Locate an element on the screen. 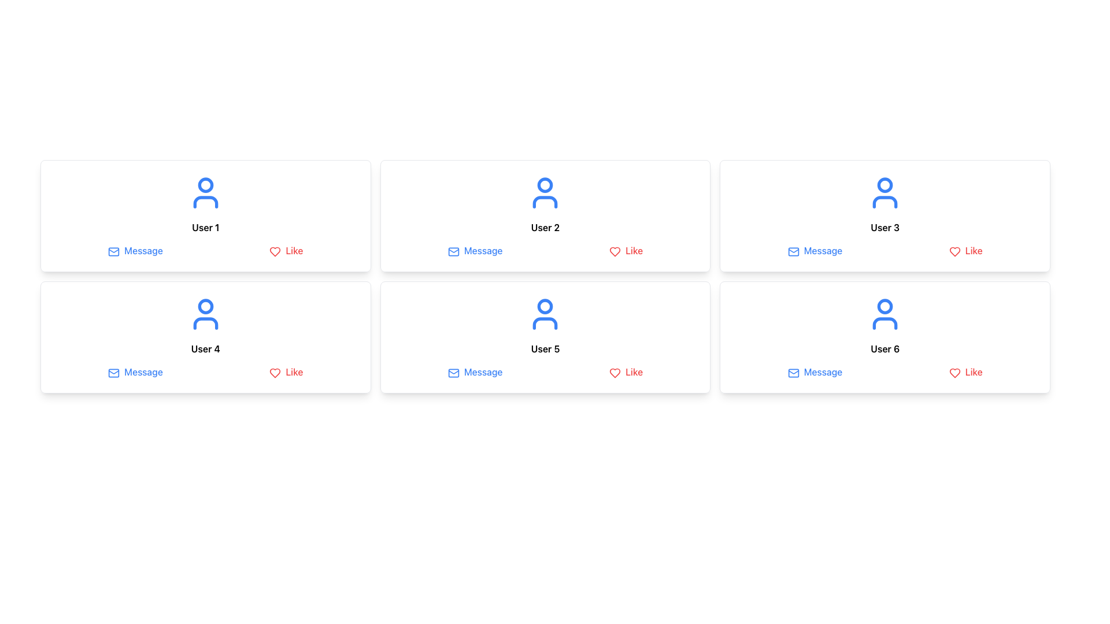 The width and height of the screenshot is (1110, 624). the 'like' icon located at the bottom-right section of the third card in the second row of the grid layout, which serves as a visual indicator for a positive feedback action is located at coordinates (954, 373).